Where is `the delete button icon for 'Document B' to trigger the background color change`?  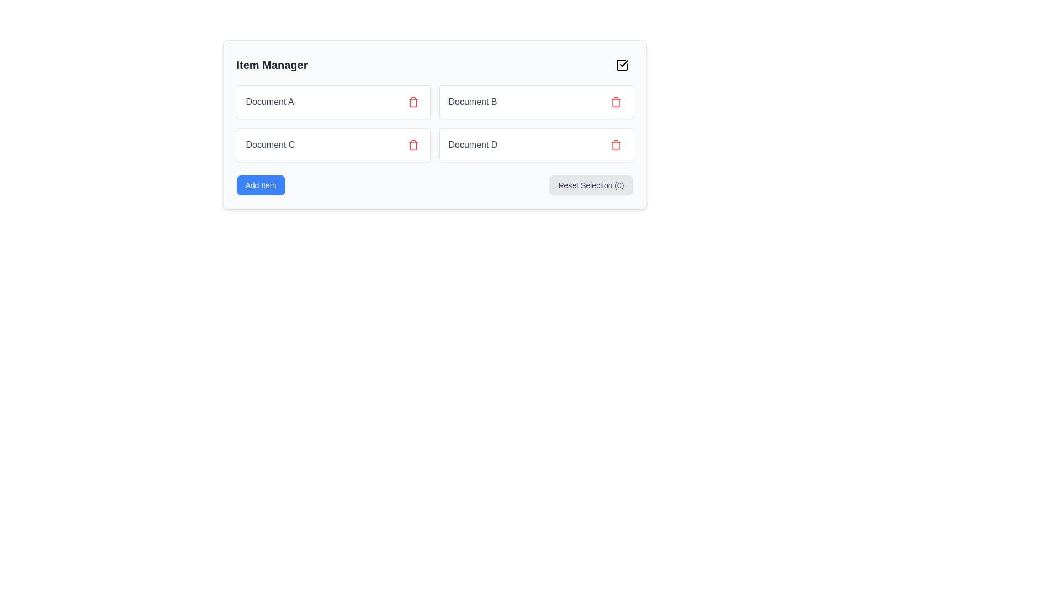
the delete button icon for 'Document B' to trigger the background color change is located at coordinates (615, 102).